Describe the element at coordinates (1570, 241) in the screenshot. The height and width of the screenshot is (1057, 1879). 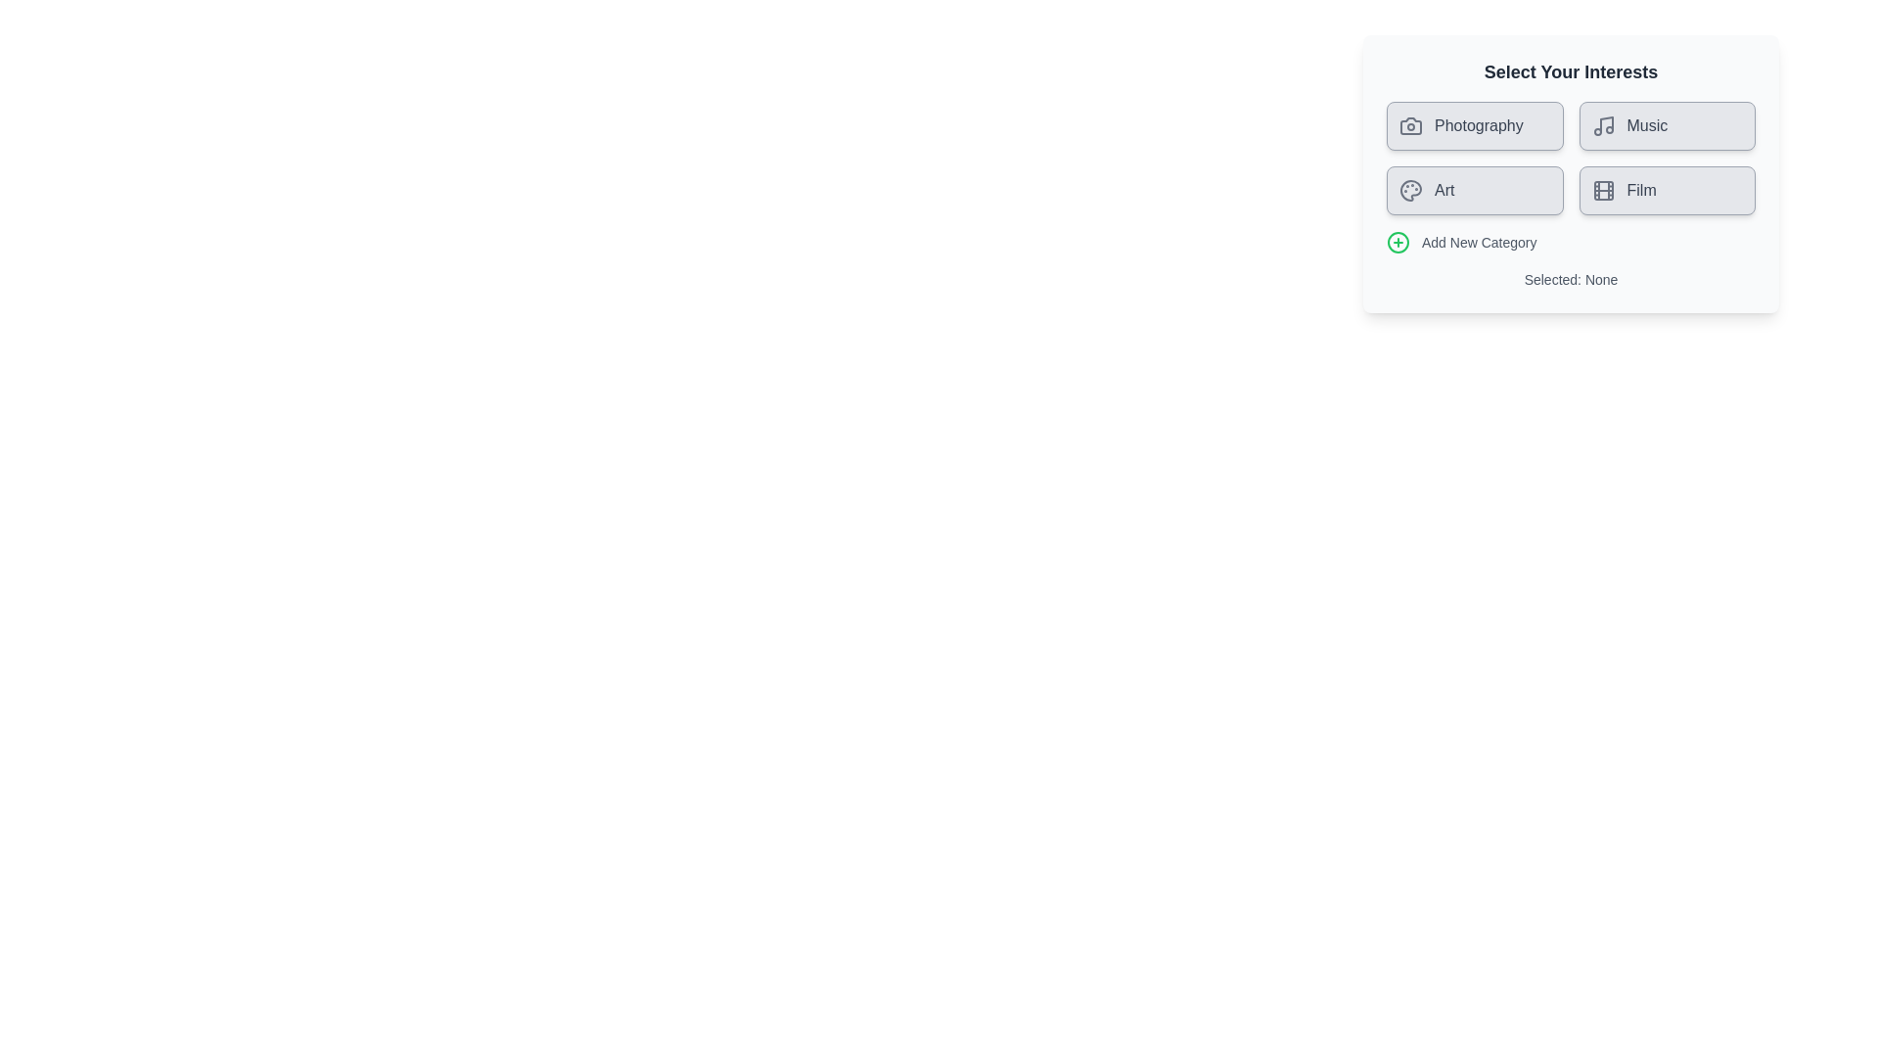
I see `the 'Add New Category' button` at that location.